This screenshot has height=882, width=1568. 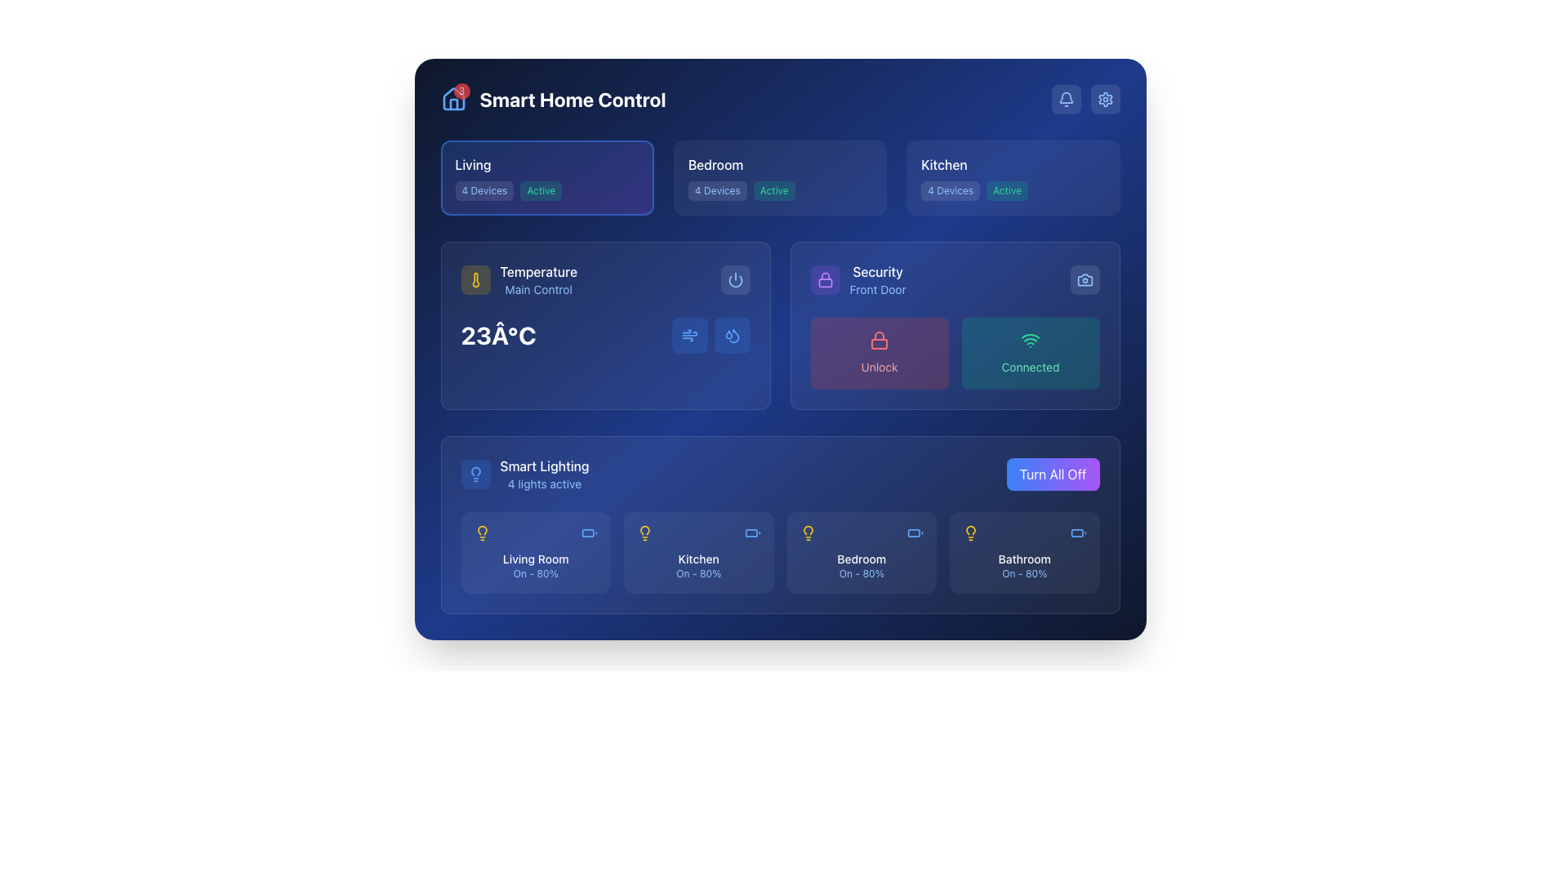 What do you see at coordinates (536, 572) in the screenshot?
I see `the text label displaying the status 'On - 80%' located at the bottom of the Living Room card in the Smart Lighting section` at bounding box center [536, 572].